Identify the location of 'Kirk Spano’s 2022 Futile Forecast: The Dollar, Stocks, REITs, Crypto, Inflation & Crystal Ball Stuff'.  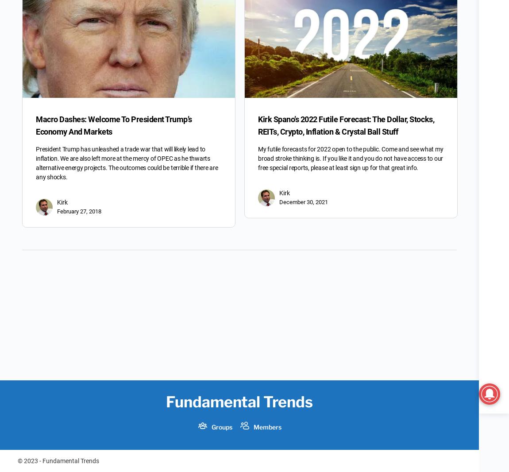
(346, 125).